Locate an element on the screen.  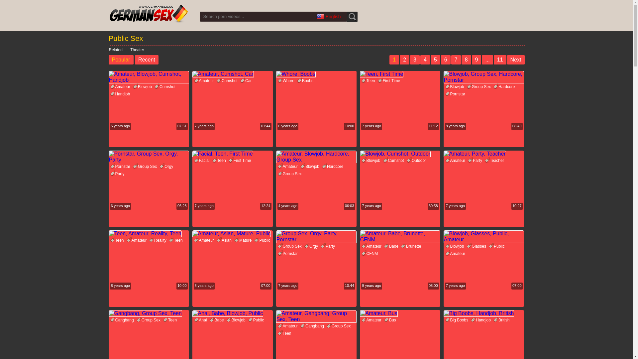
'Popular' is located at coordinates (121, 60).